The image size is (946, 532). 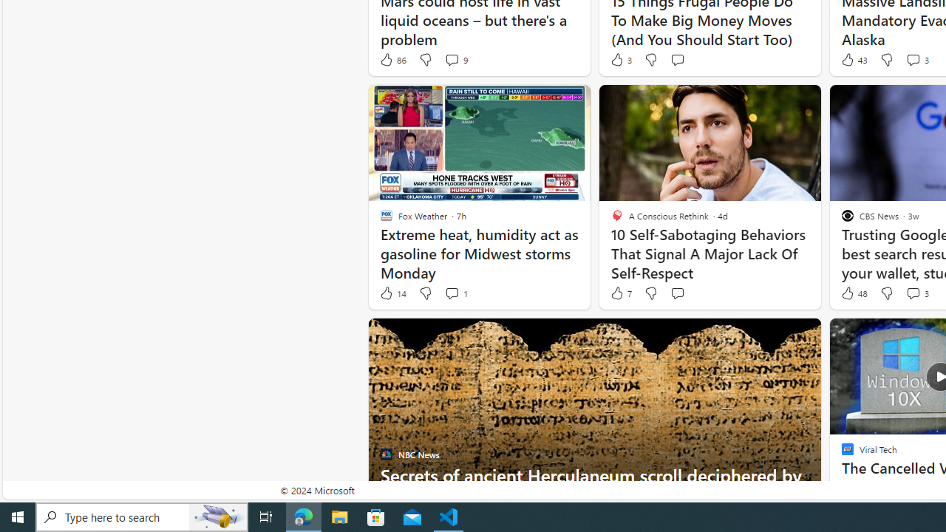 I want to click on '14 Like', so click(x=392, y=293).